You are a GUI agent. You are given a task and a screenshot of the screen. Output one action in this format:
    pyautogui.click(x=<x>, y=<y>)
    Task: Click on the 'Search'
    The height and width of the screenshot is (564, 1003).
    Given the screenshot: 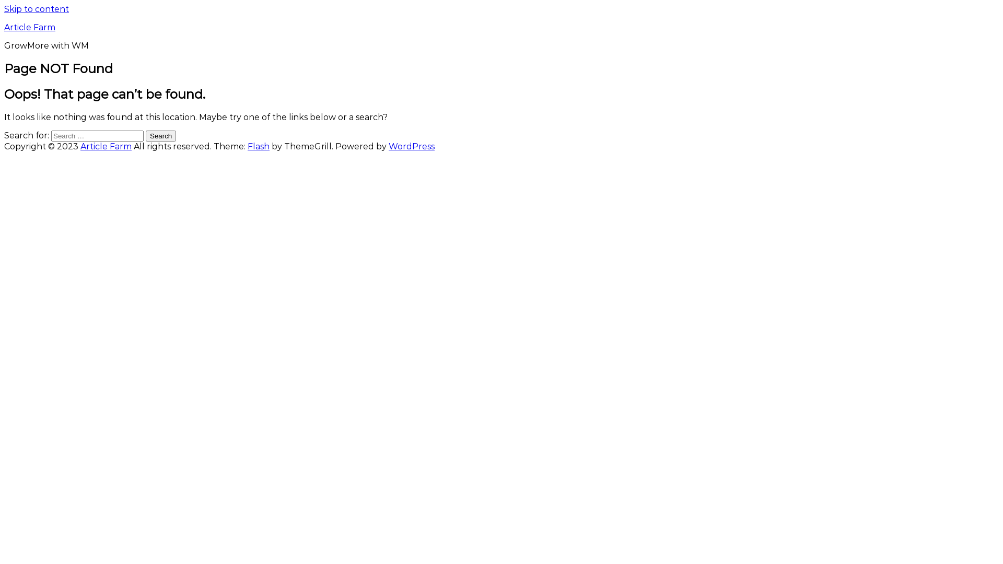 What is the action you would take?
    pyautogui.click(x=160, y=135)
    